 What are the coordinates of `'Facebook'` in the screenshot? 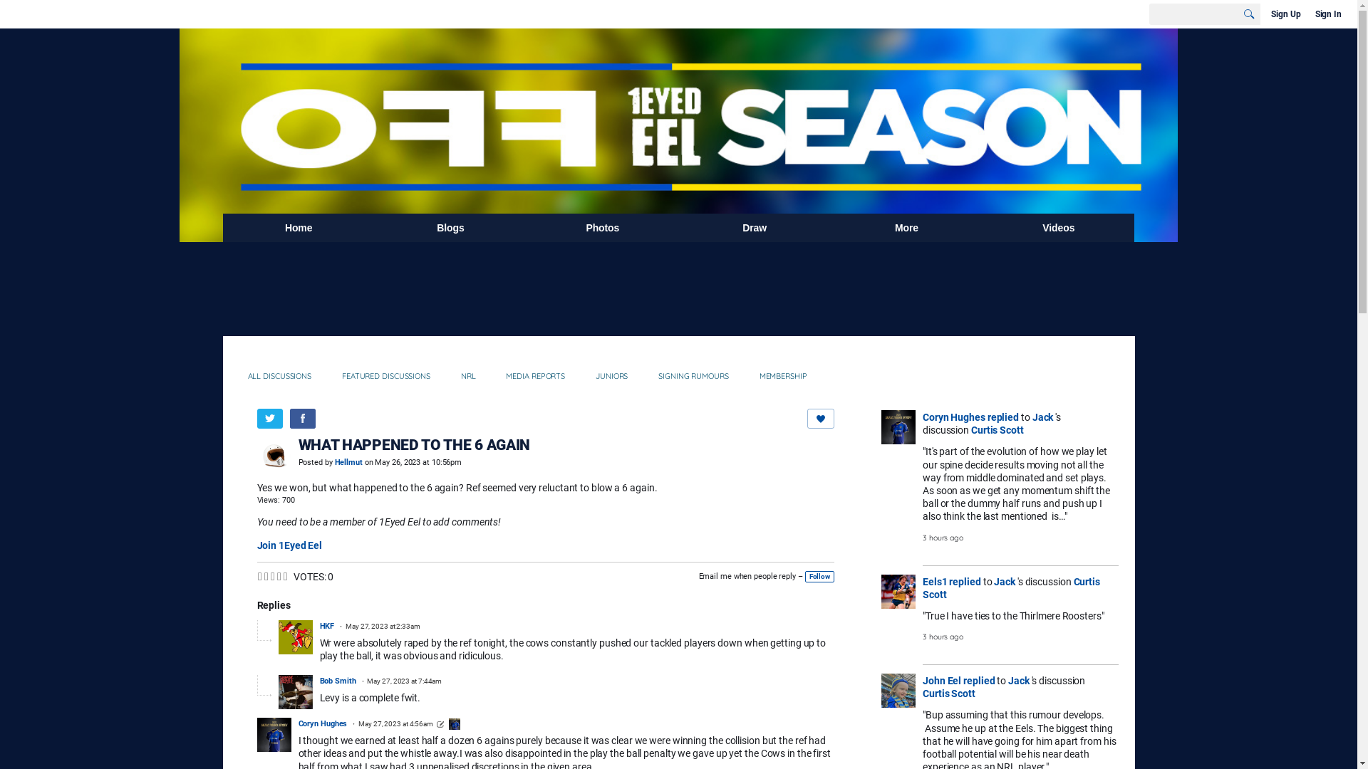 It's located at (301, 417).